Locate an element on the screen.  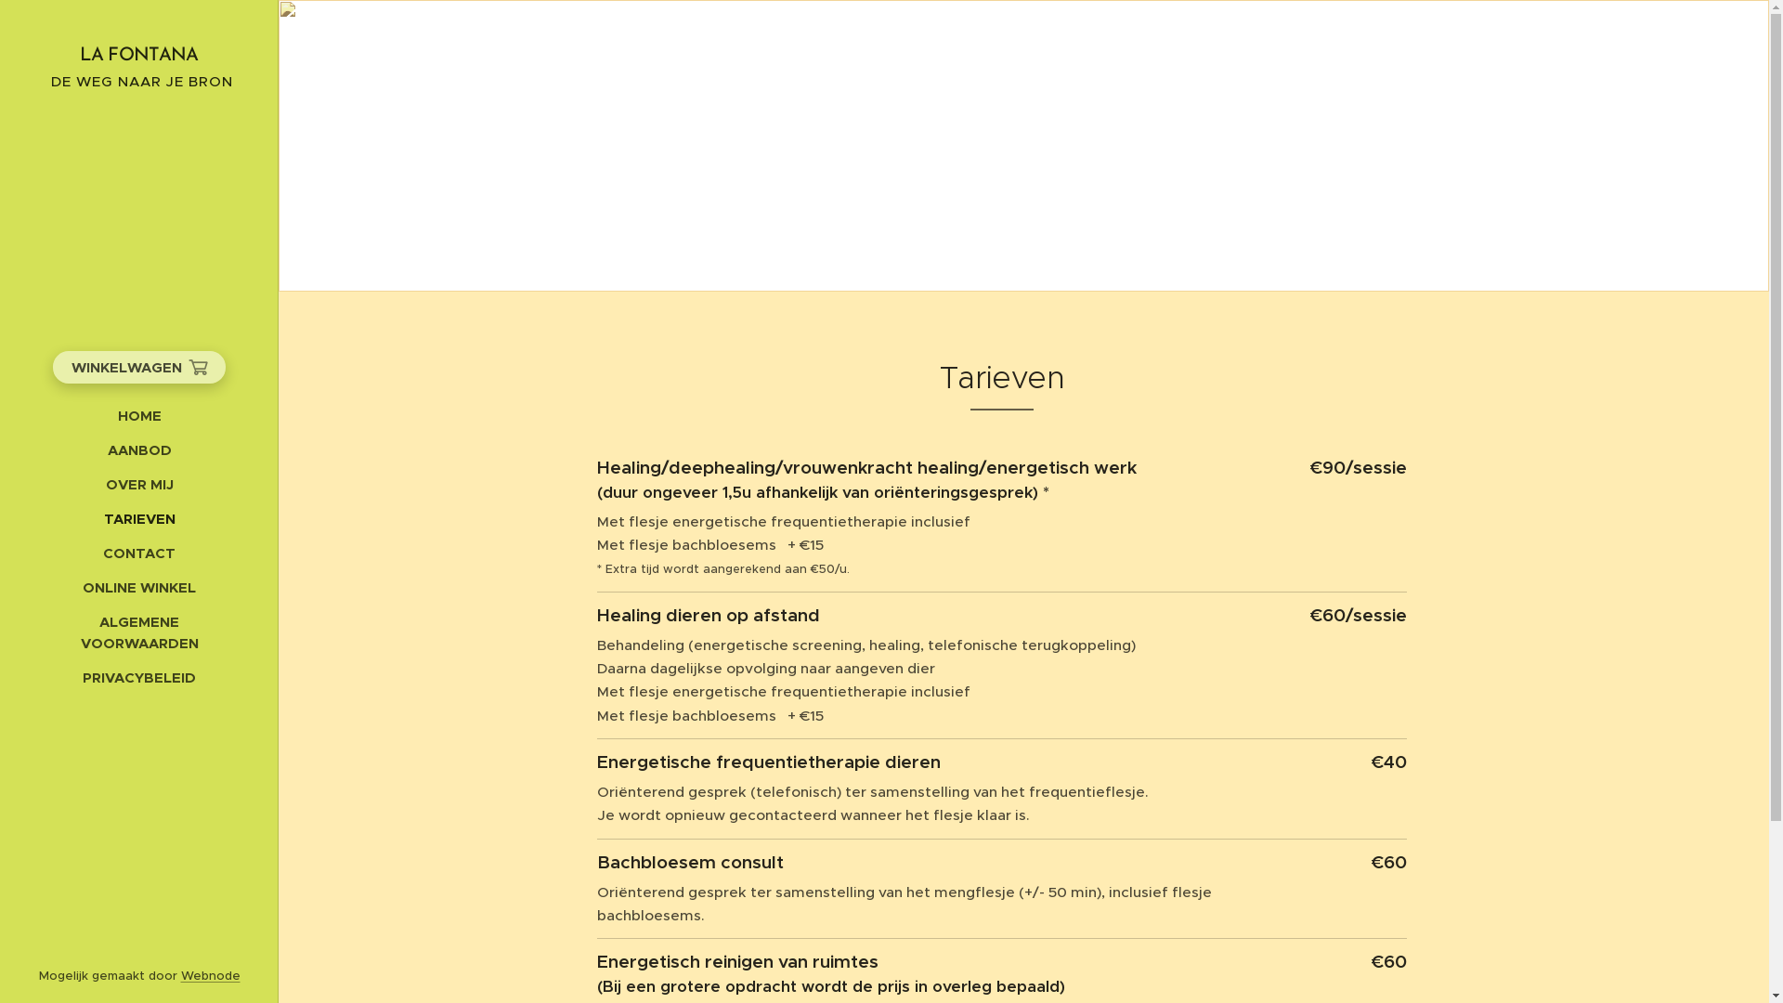
'ONLINE WINKEL' is located at coordinates (137, 587).